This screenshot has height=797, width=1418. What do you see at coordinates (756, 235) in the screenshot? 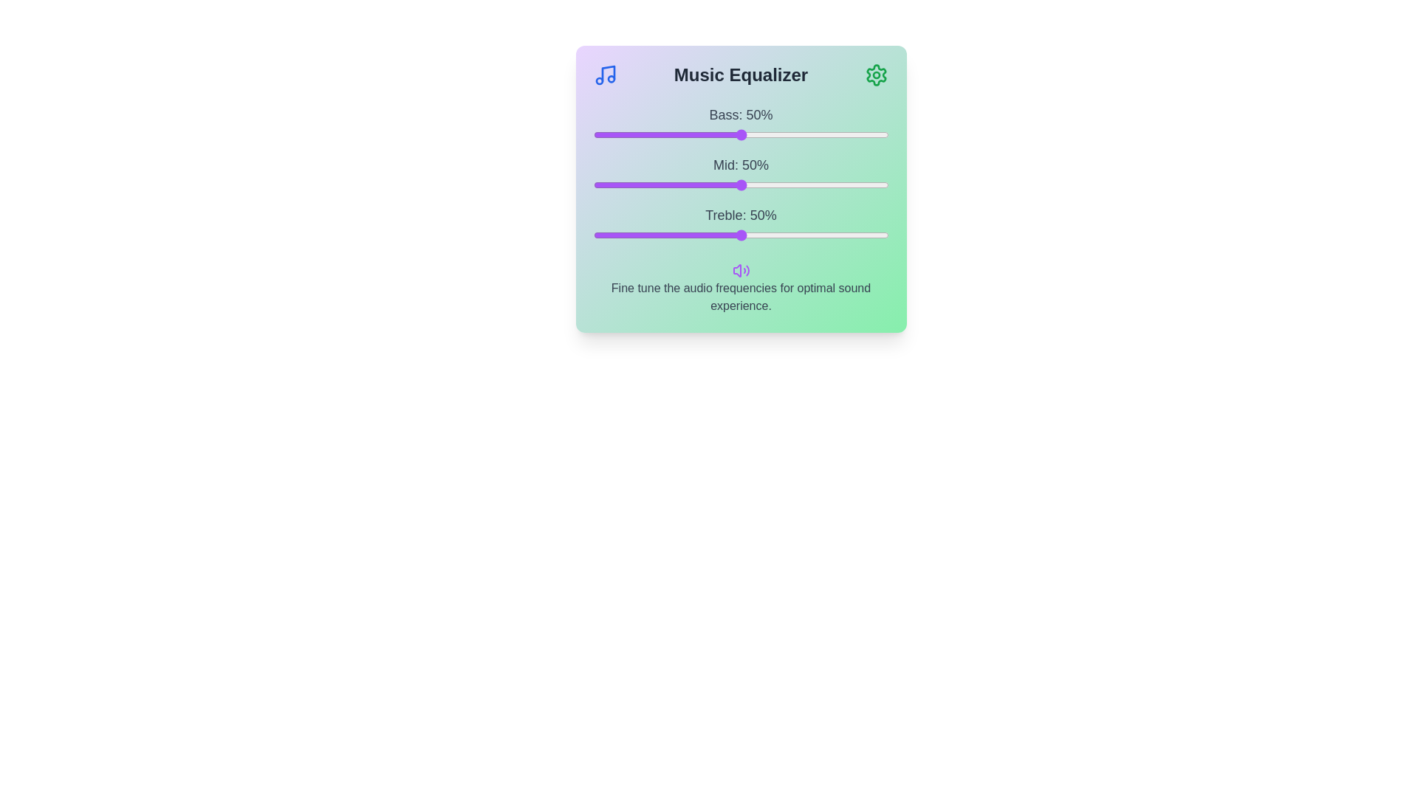
I see `the treble slider to 55%` at bounding box center [756, 235].